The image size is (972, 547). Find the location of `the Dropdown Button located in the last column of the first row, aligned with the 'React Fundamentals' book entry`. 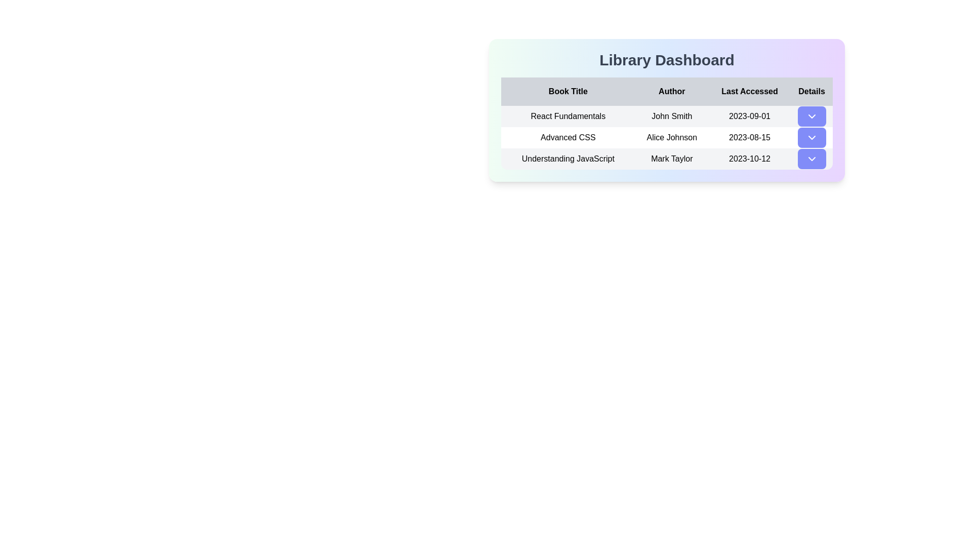

the Dropdown Button located in the last column of the first row, aligned with the 'React Fundamentals' book entry is located at coordinates (812, 116).